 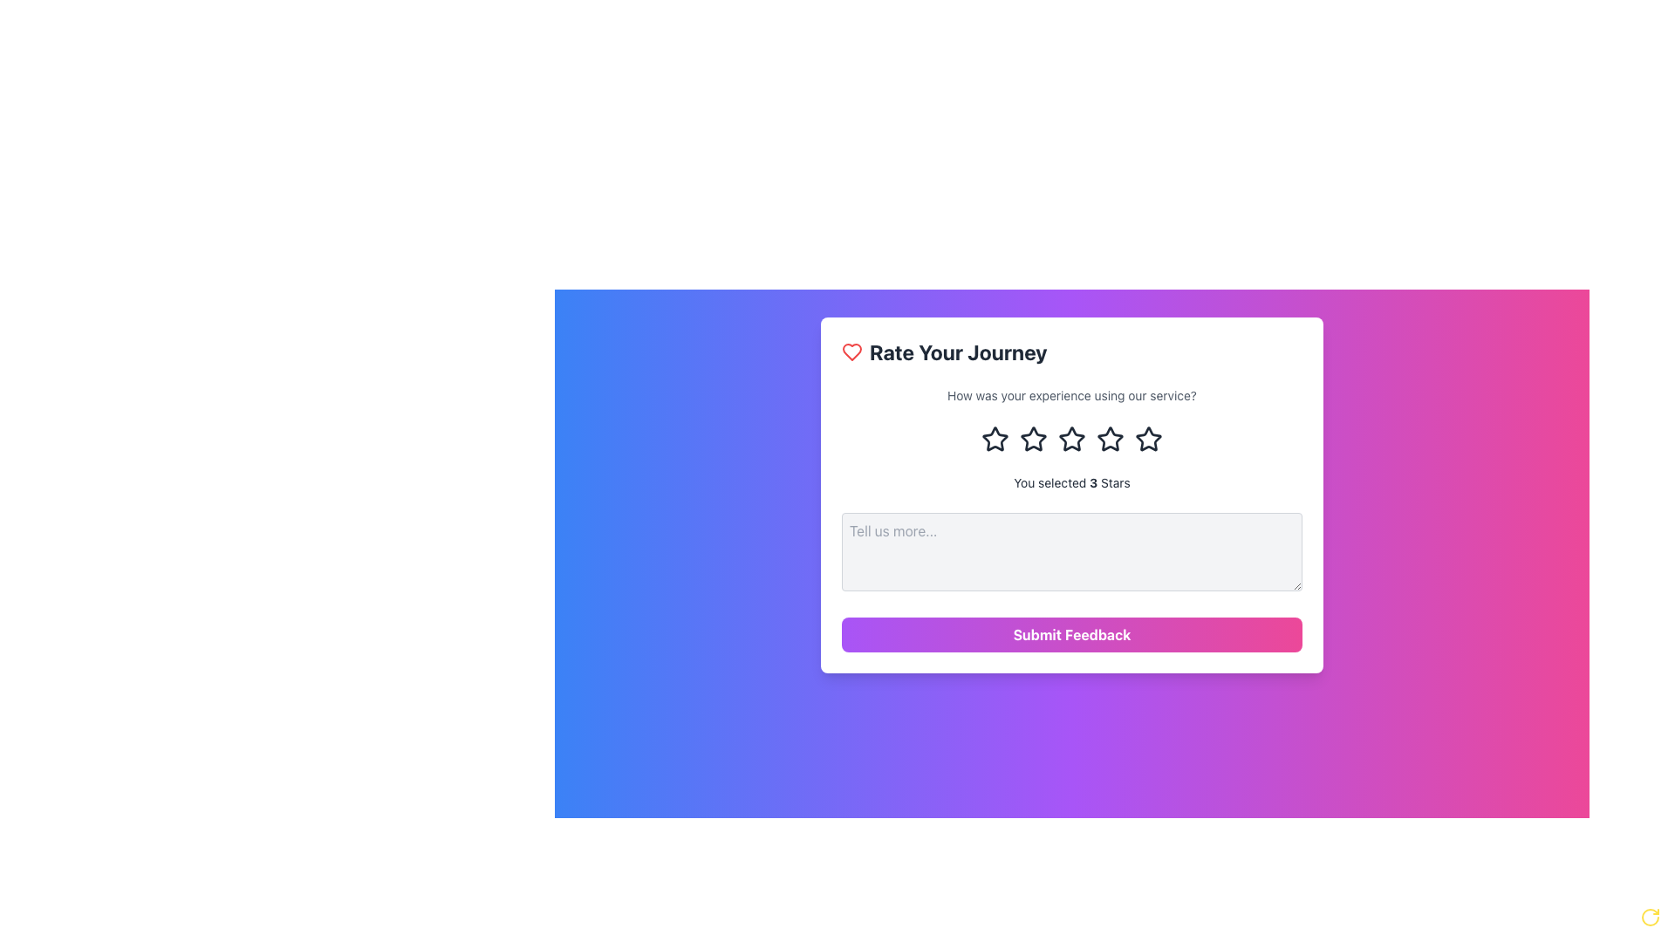 I want to click on the numeral '3' in the text 'You selected 3 Stars', which is prominently displayed in the middle of the feedback form modal, so click(x=1092, y=482).